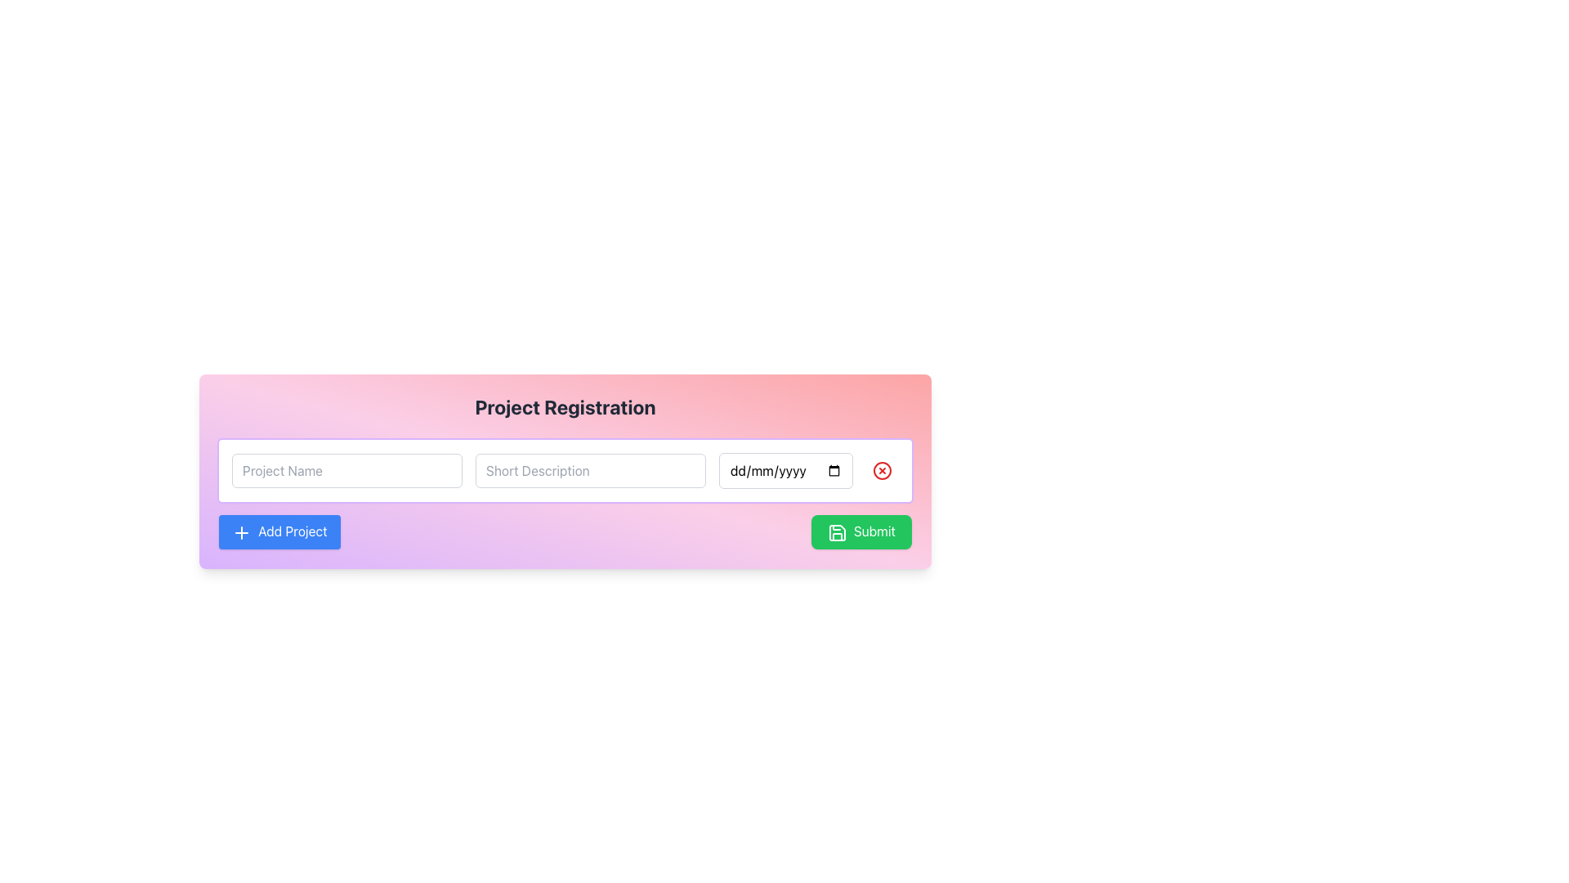  What do you see at coordinates (279, 531) in the screenshot?
I see `the blue 'Add Project' button located at the lower-left corner of the button group to initiate adding a project` at bounding box center [279, 531].